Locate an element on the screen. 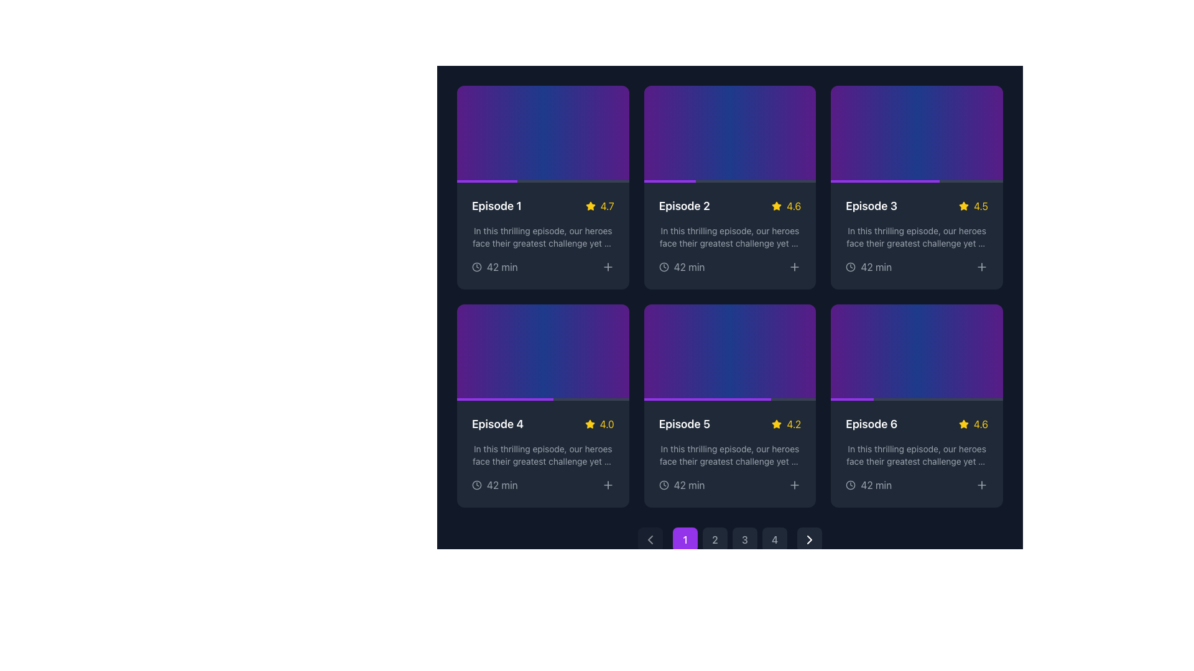 This screenshot has height=671, width=1194. the rating or description of the media information Card displaying details about 'Episode 2', which is located in the second column of the first row in a 3x2 grid layout is located at coordinates (730, 235).